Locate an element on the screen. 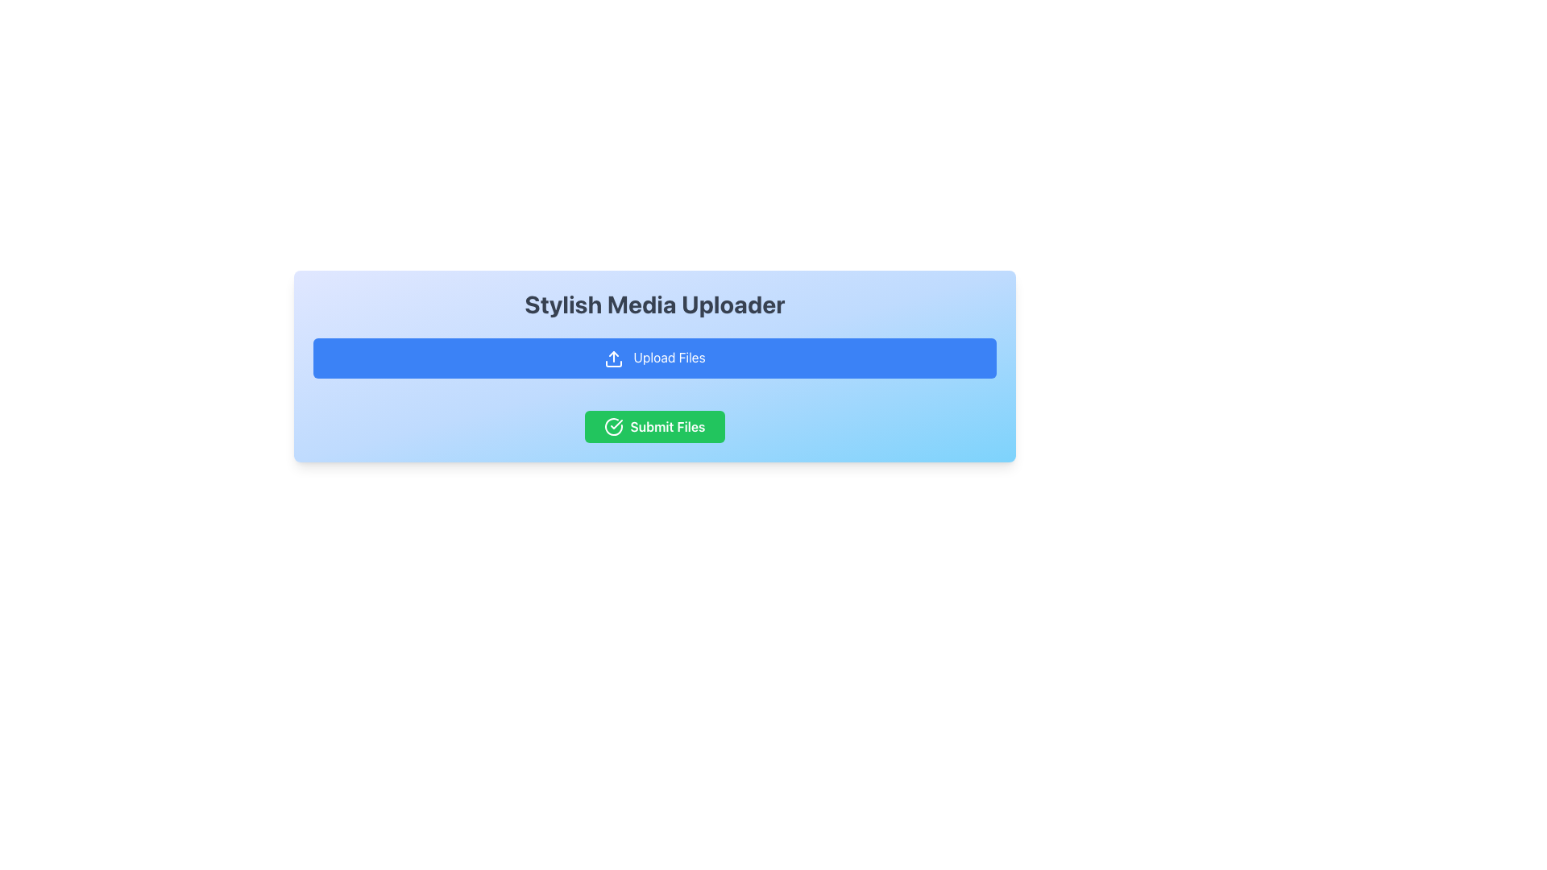 The width and height of the screenshot is (1547, 870). the decorative confirmation icon located to the left of the 'Submit Files' text within the green 'Submit Files' button is located at coordinates (613, 425).